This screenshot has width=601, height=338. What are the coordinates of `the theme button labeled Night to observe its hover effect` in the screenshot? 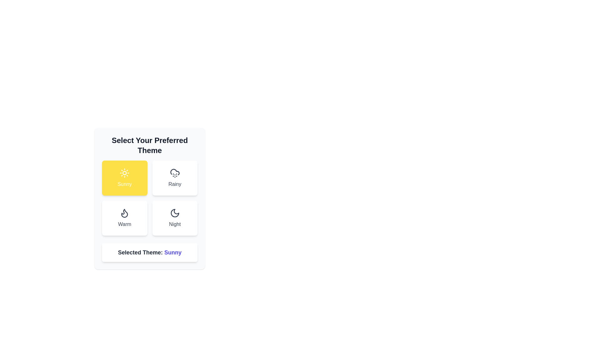 It's located at (175, 218).